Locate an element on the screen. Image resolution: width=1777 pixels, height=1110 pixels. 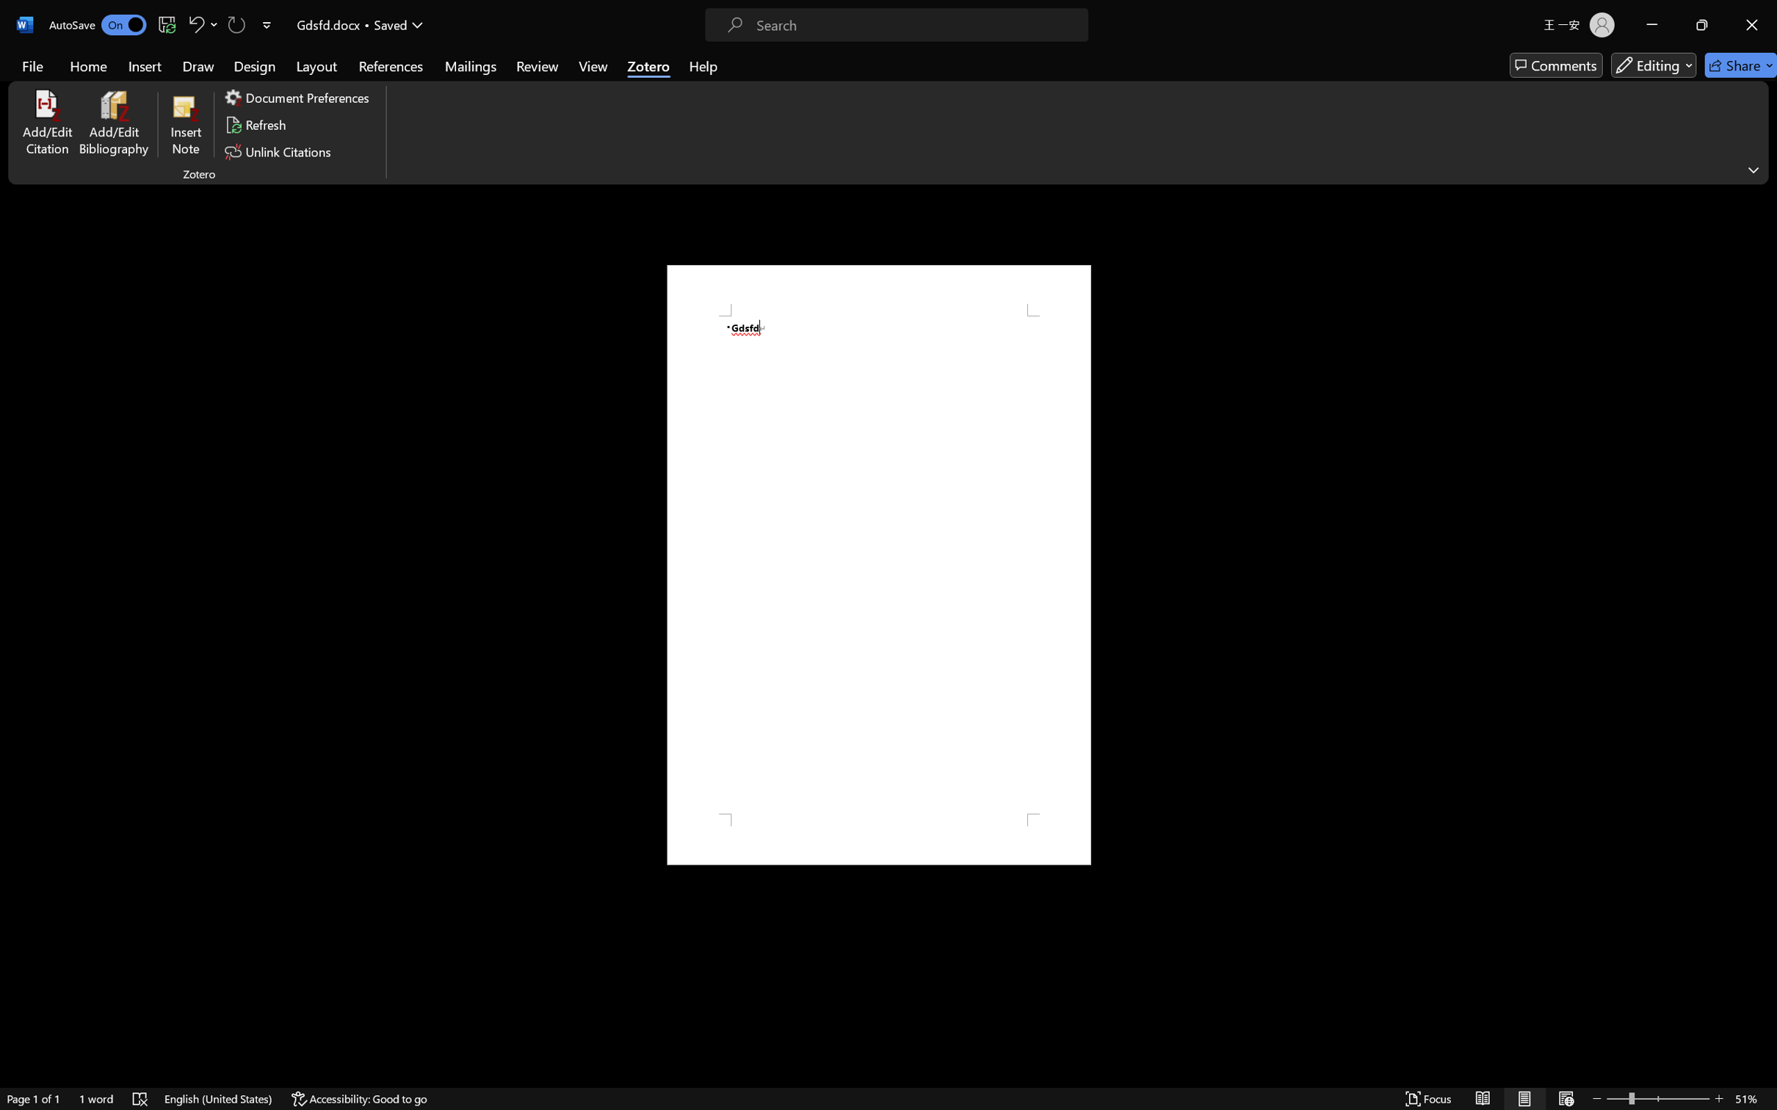
'Restore Down' is located at coordinates (1729, 12).